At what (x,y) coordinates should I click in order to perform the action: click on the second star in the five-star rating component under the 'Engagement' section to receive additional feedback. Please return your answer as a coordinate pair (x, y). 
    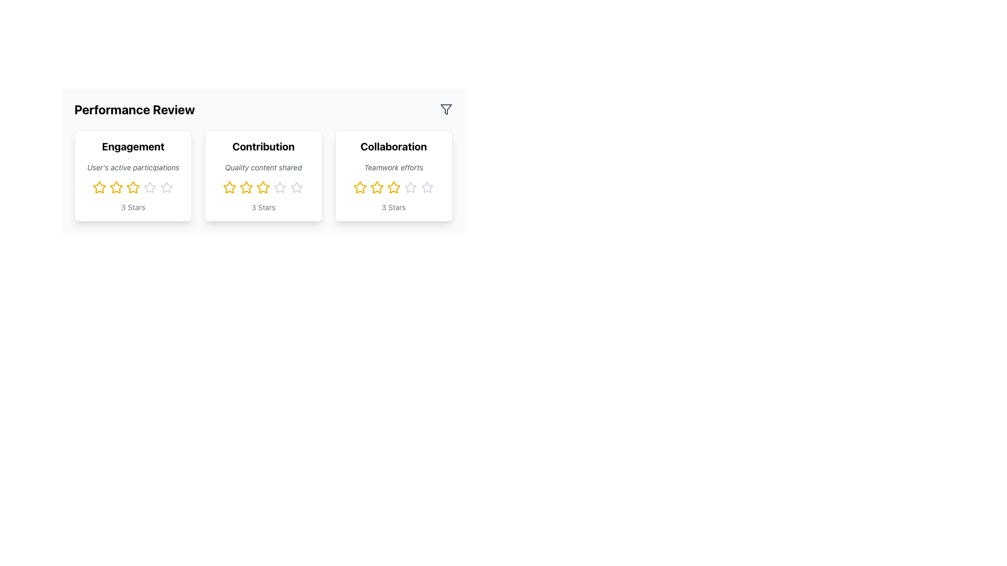
    Looking at the image, I should click on (133, 187).